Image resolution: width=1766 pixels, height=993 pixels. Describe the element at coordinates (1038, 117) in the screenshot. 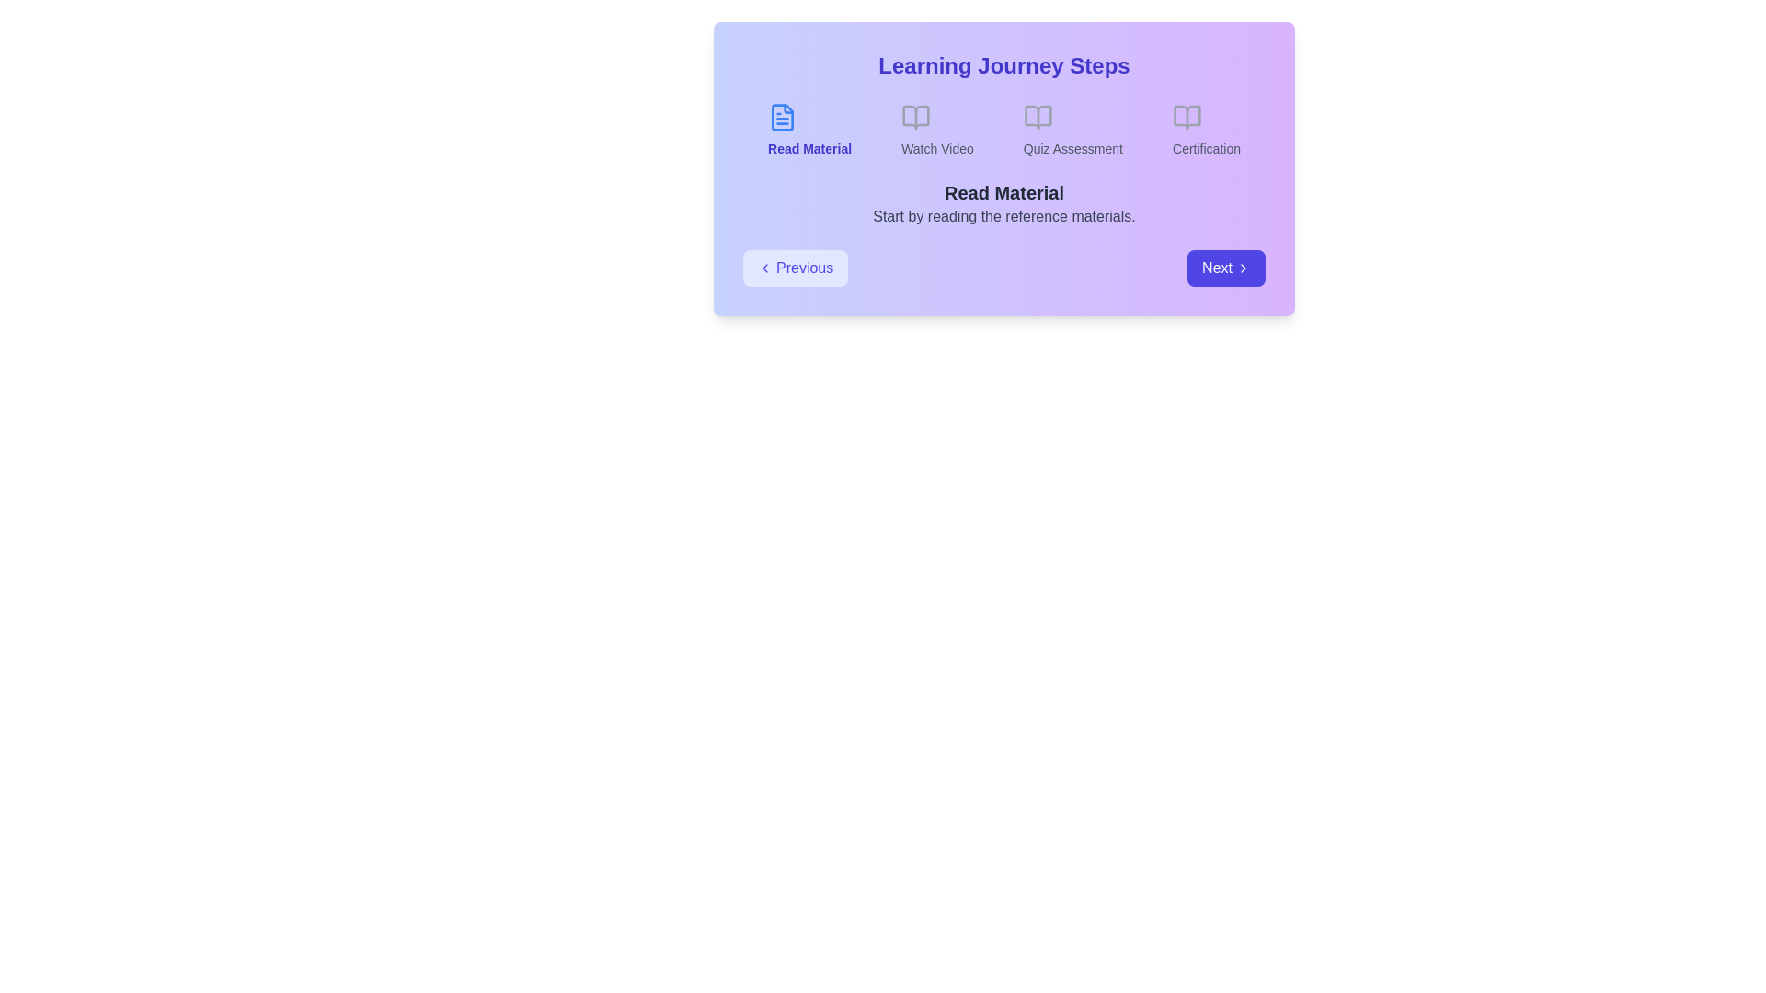

I see `the second interactive icon that resembles an open book, located under the 'Learning Journey Steps' title, positioned between 'Watch Video' and 'Certification'` at that location.